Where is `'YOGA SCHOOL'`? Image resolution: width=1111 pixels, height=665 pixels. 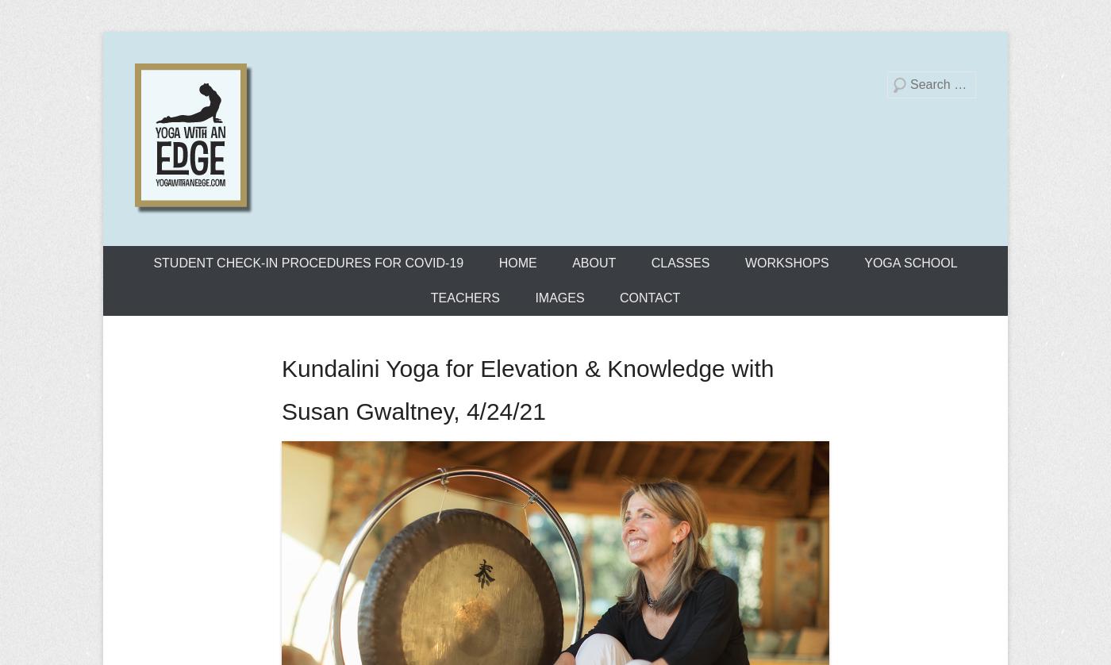 'YOGA SCHOOL' is located at coordinates (910, 262).